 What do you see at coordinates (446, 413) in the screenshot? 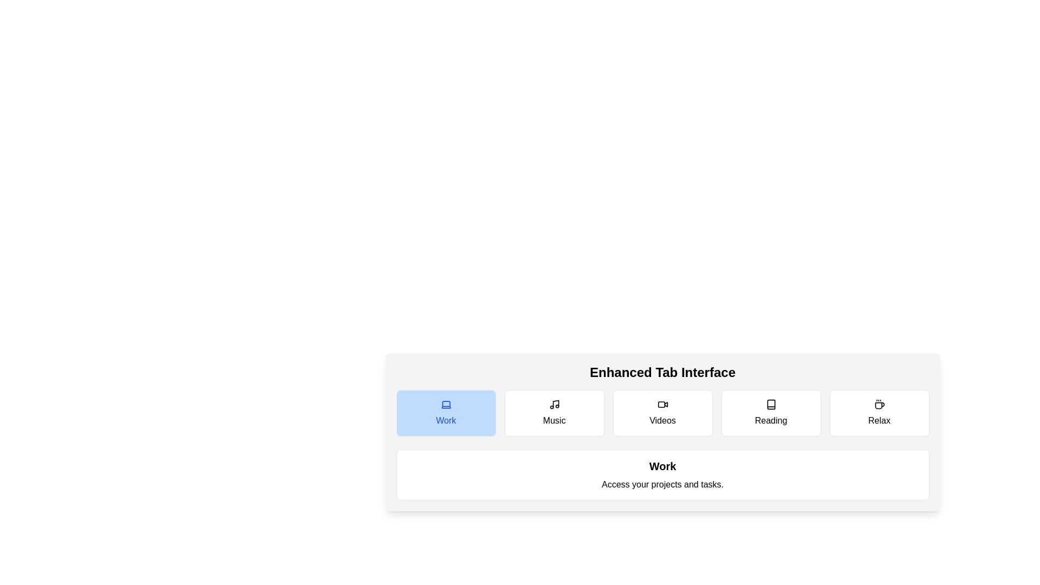
I see `the tab button labeled Work to observe its hover effect` at bounding box center [446, 413].